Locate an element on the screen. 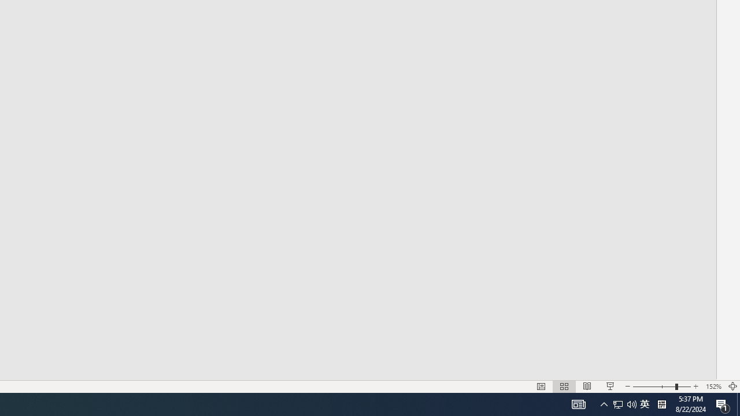 This screenshot has height=416, width=740. 'Zoom' is located at coordinates (661, 387).